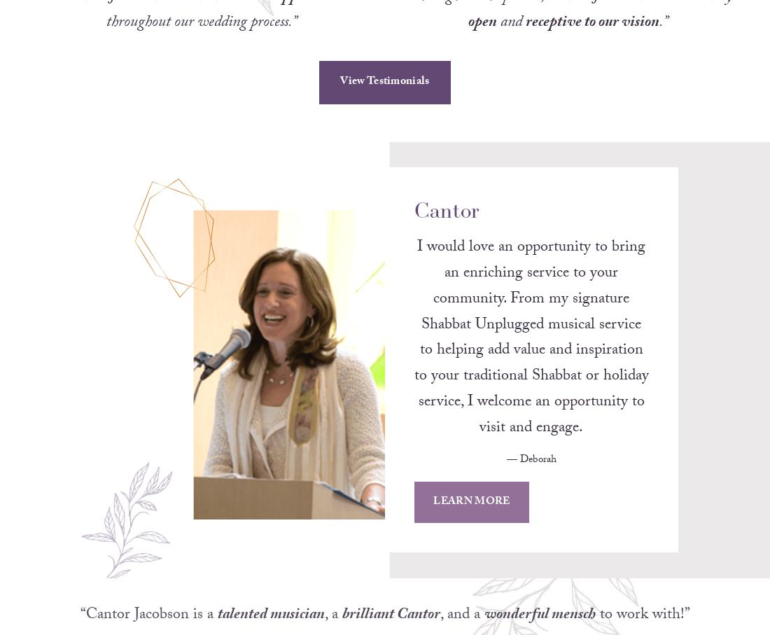  I want to click on '“Throughout the process, Cantor Jacobson was', so click(538, 15).